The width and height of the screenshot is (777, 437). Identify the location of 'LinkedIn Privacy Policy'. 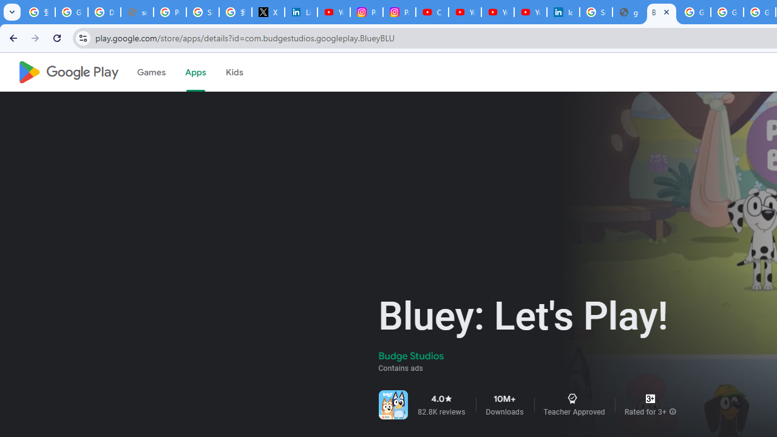
(301, 12).